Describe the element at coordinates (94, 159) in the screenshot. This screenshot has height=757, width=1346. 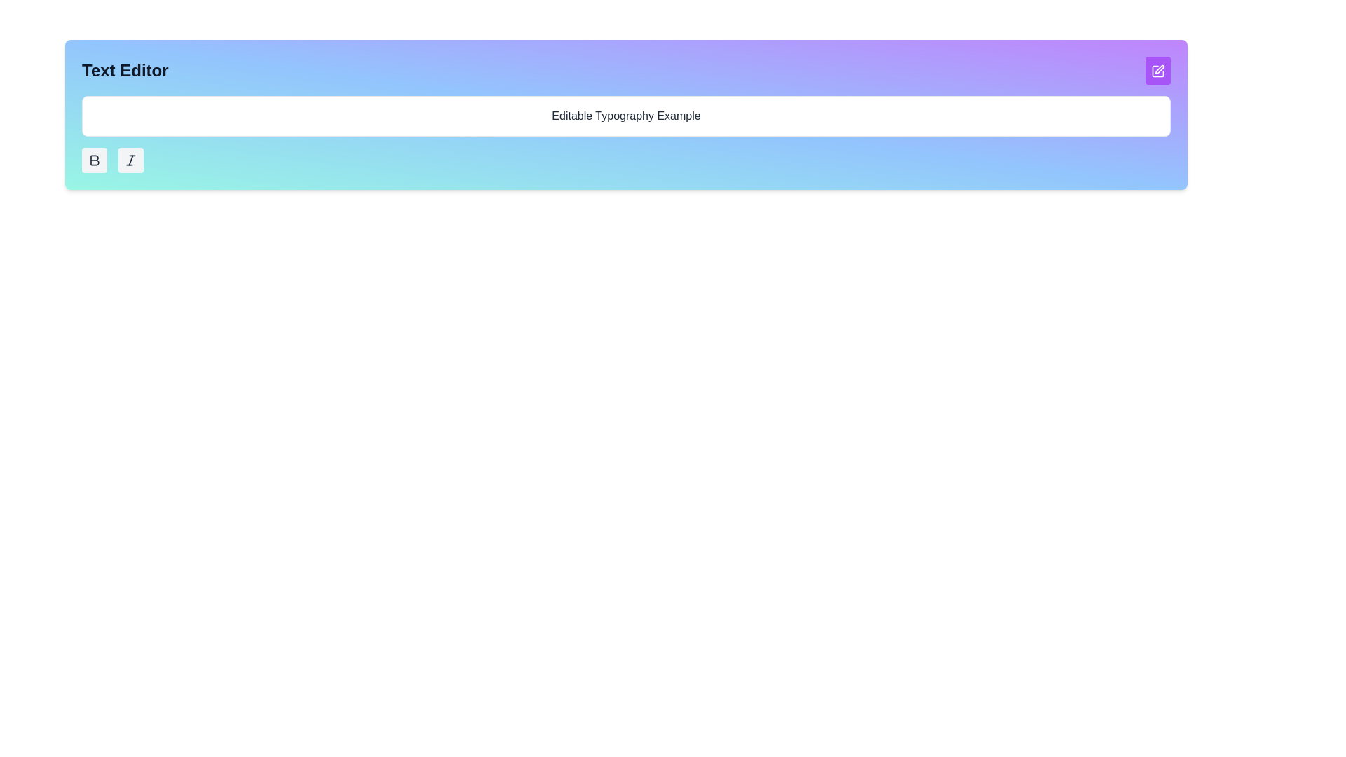
I see `the bold formatting button located on the left side of the text editing toolbar` at that location.